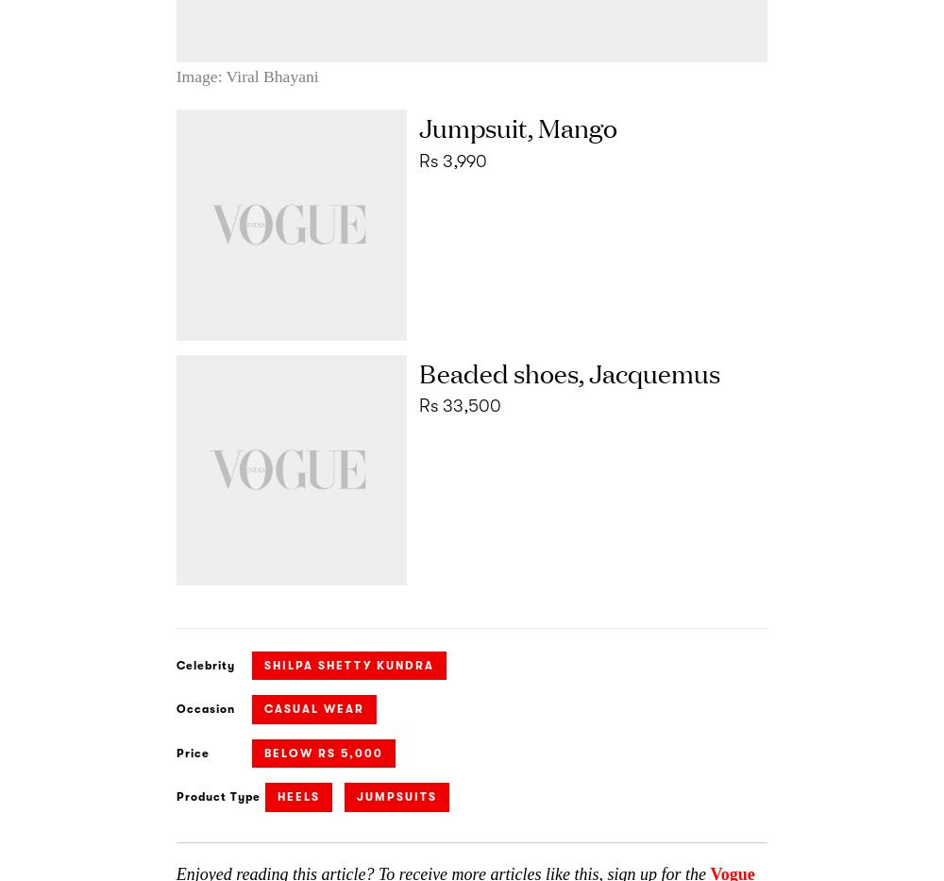 The image size is (944, 881). I want to click on 'Product Type', so click(216, 795).